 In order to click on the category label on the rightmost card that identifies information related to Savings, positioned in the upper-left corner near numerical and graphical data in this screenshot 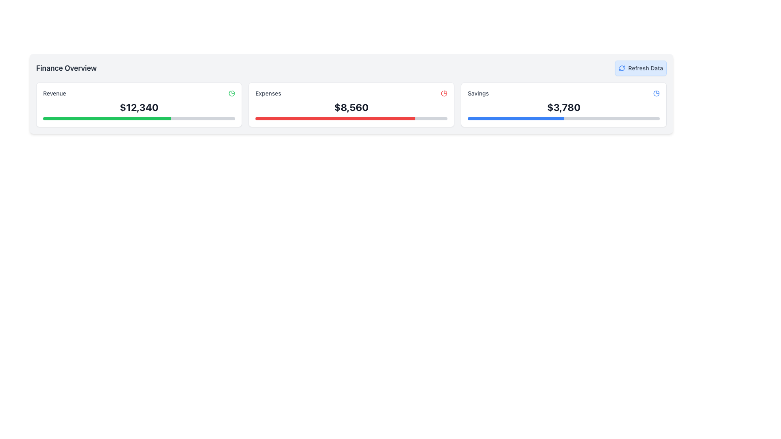, I will do `click(478, 93)`.